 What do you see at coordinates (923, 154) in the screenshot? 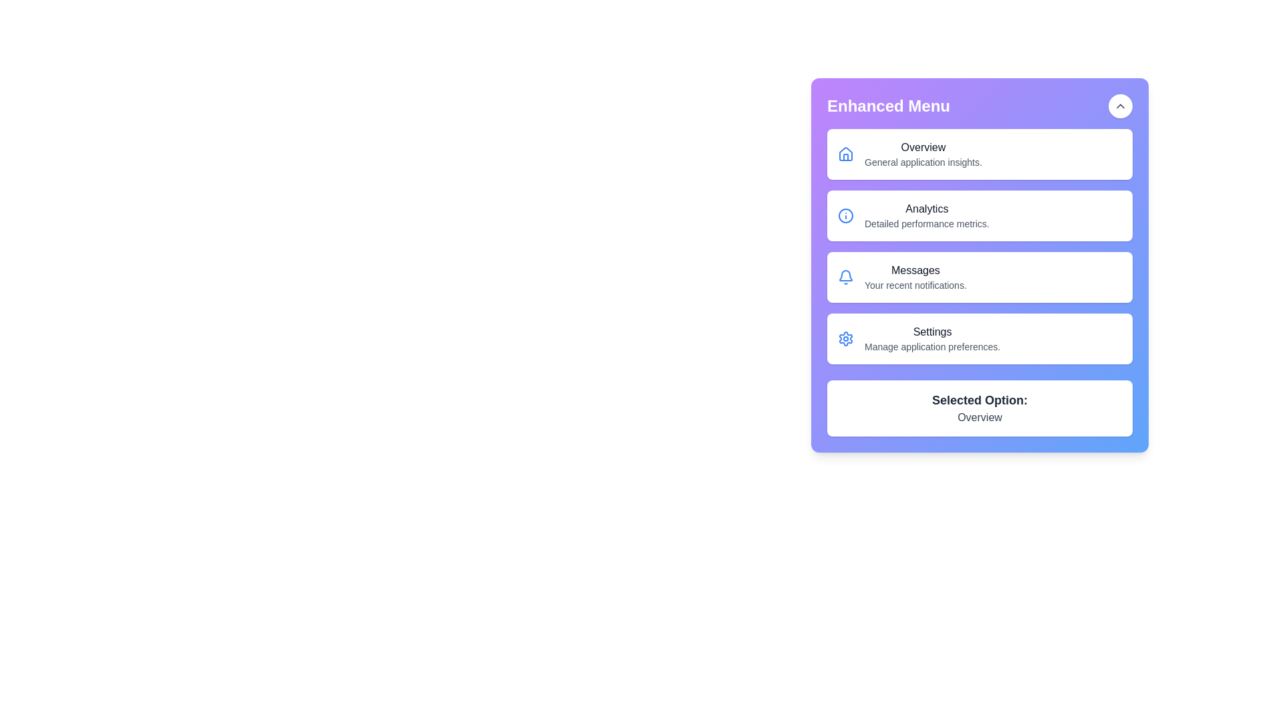
I see `the first menu item below the 'Enhanced Menu' heading` at bounding box center [923, 154].